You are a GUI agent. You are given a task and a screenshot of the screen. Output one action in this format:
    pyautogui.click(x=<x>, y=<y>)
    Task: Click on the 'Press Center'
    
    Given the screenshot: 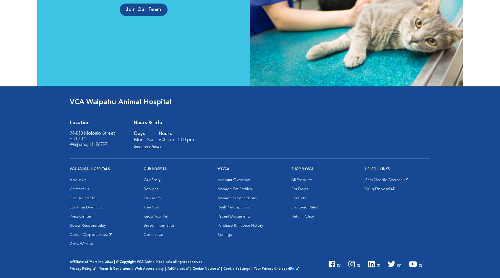 What is the action you would take?
    pyautogui.click(x=70, y=216)
    